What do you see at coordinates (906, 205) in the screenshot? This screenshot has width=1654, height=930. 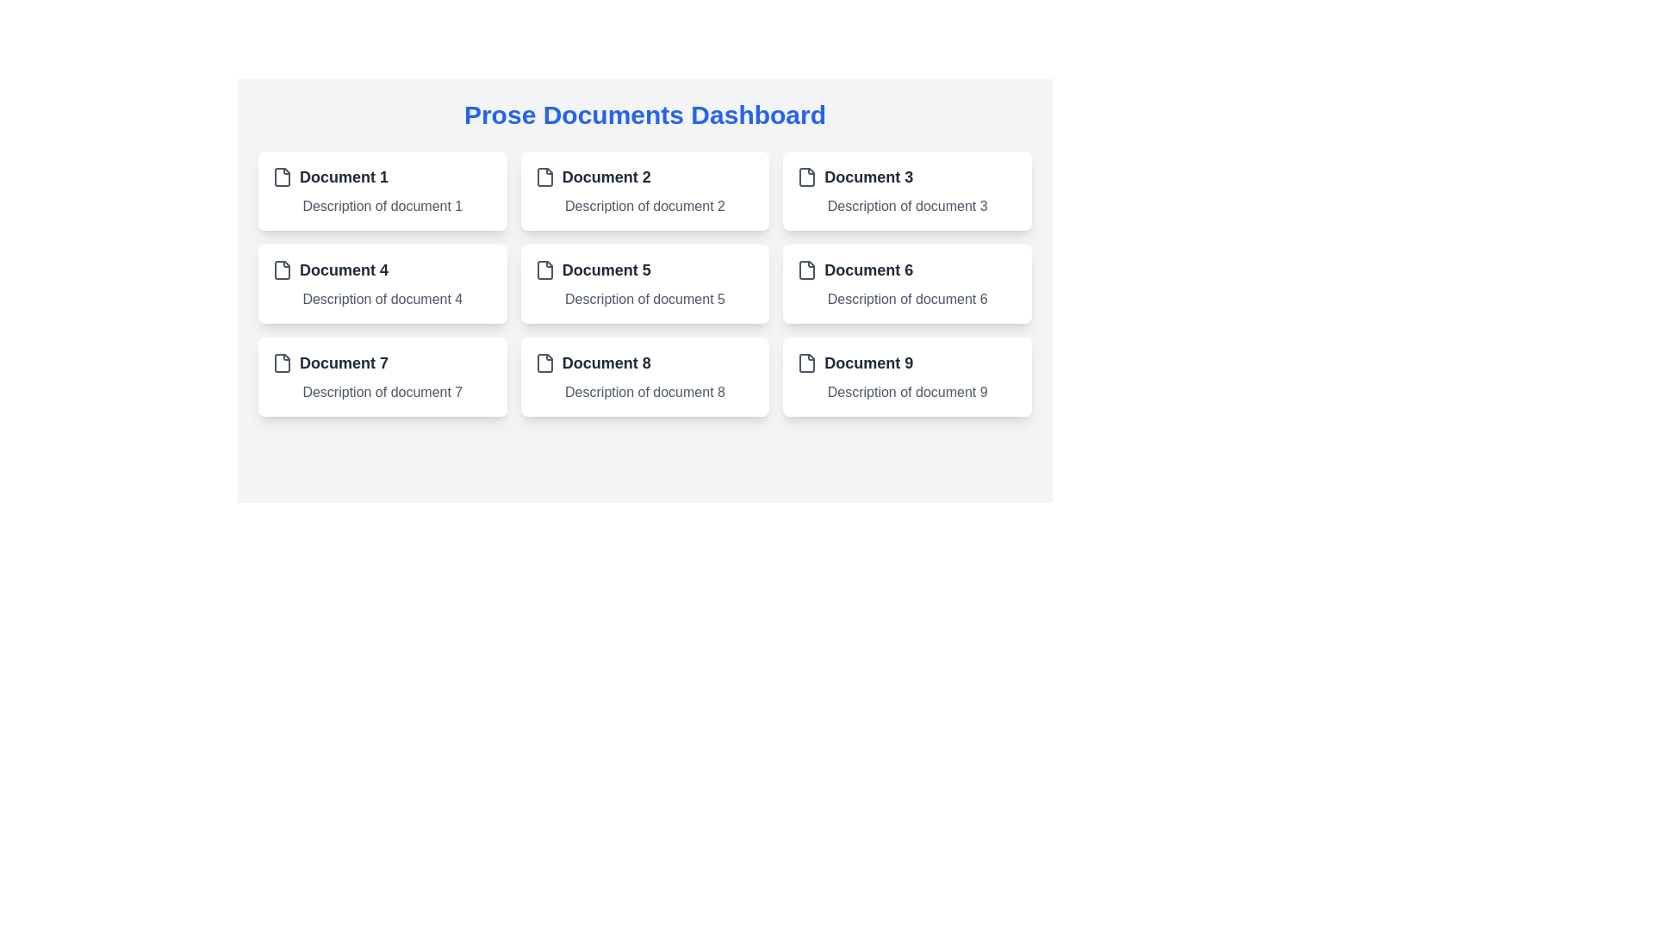 I see `the text label that says 'Description of document 3', which is styled in gray color and located under the header 'Document 3' in the grid layout` at bounding box center [906, 205].